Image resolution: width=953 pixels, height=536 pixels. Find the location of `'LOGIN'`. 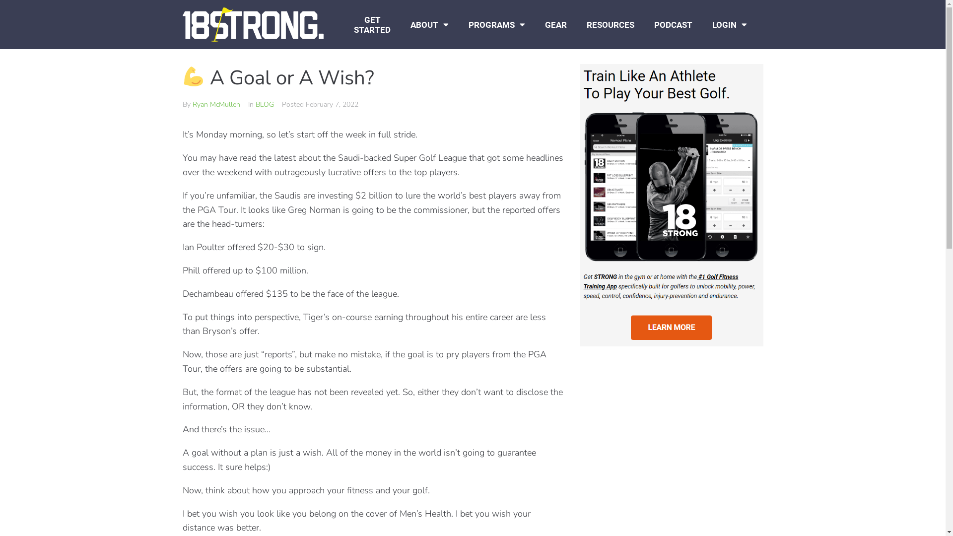

'LOGIN' is located at coordinates (729, 24).